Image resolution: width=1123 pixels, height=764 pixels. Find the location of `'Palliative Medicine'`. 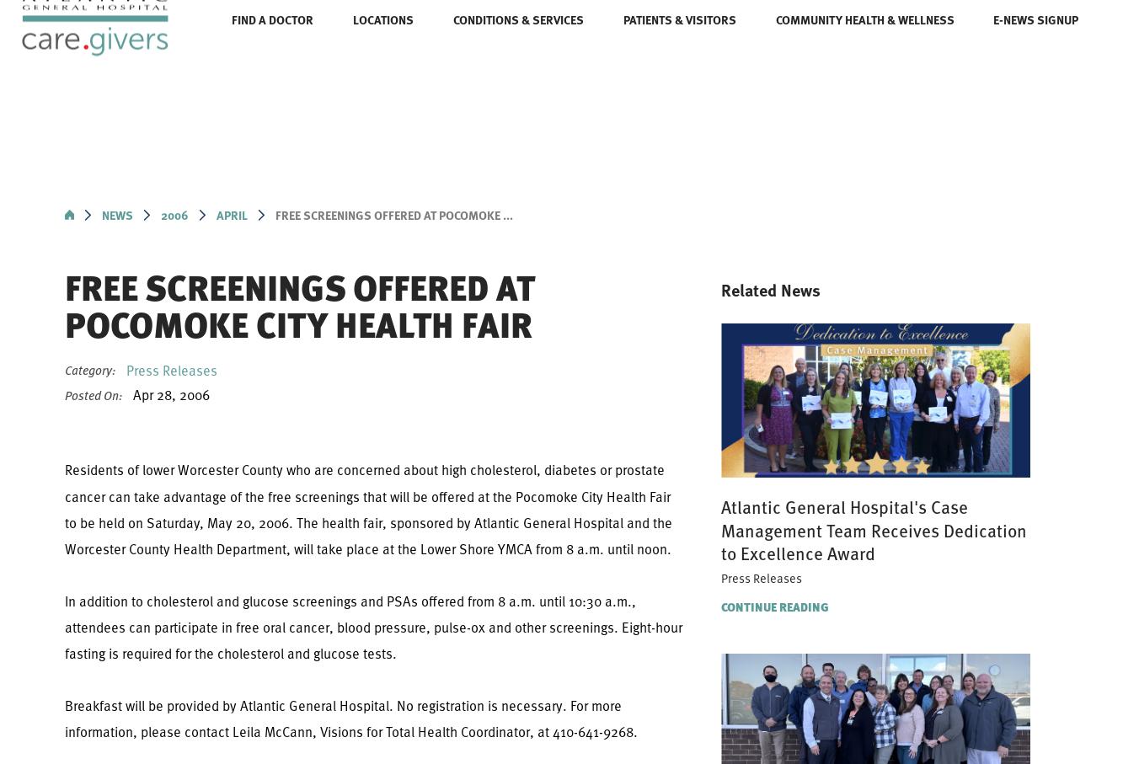

'Palliative Medicine' is located at coordinates (275, 295).